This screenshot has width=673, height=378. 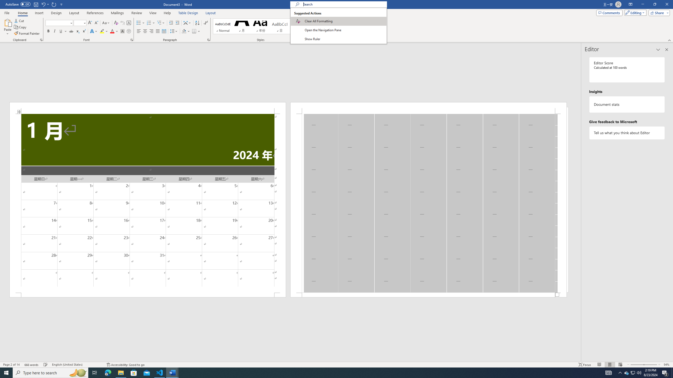 What do you see at coordinates (125, 365) in the screenshot?
I see `'Accessibility Checker Accessibility: Good to go'` at bounding box center [125, 365].